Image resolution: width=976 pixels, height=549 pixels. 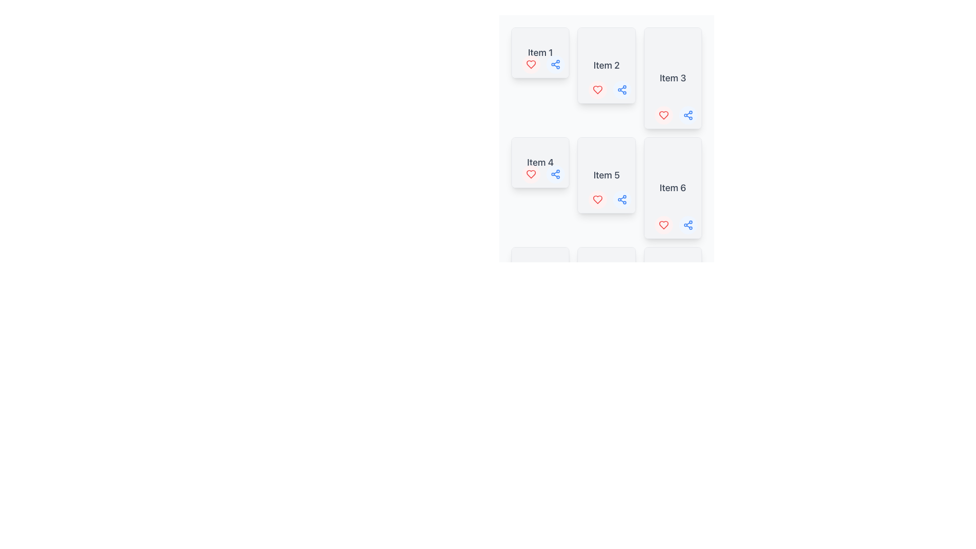 I want to click on the 'like' icon located at the bottom left of the card labeled 'Item 5' in the second column and second row of a 3x2 grid layout to favorite or unfavorite it, so click(x=597, y=200).